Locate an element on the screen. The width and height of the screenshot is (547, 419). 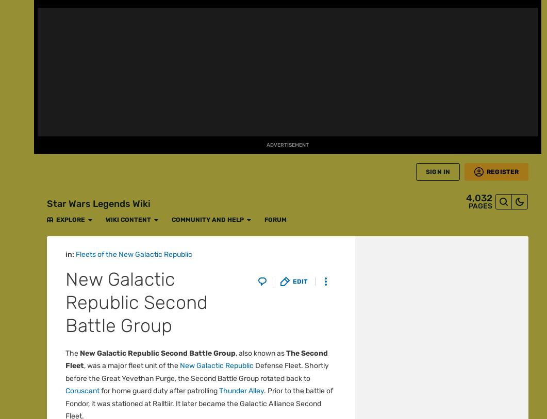
'Wikis' is located at coordinates (16, 331).